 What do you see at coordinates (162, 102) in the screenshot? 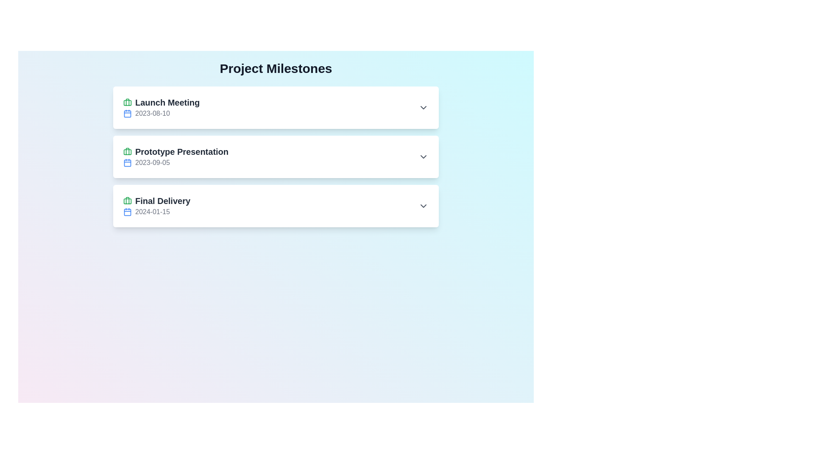
I see `the 'Launch Meeting' text label with a green briefcase icon` at bounding box center [162, 102].